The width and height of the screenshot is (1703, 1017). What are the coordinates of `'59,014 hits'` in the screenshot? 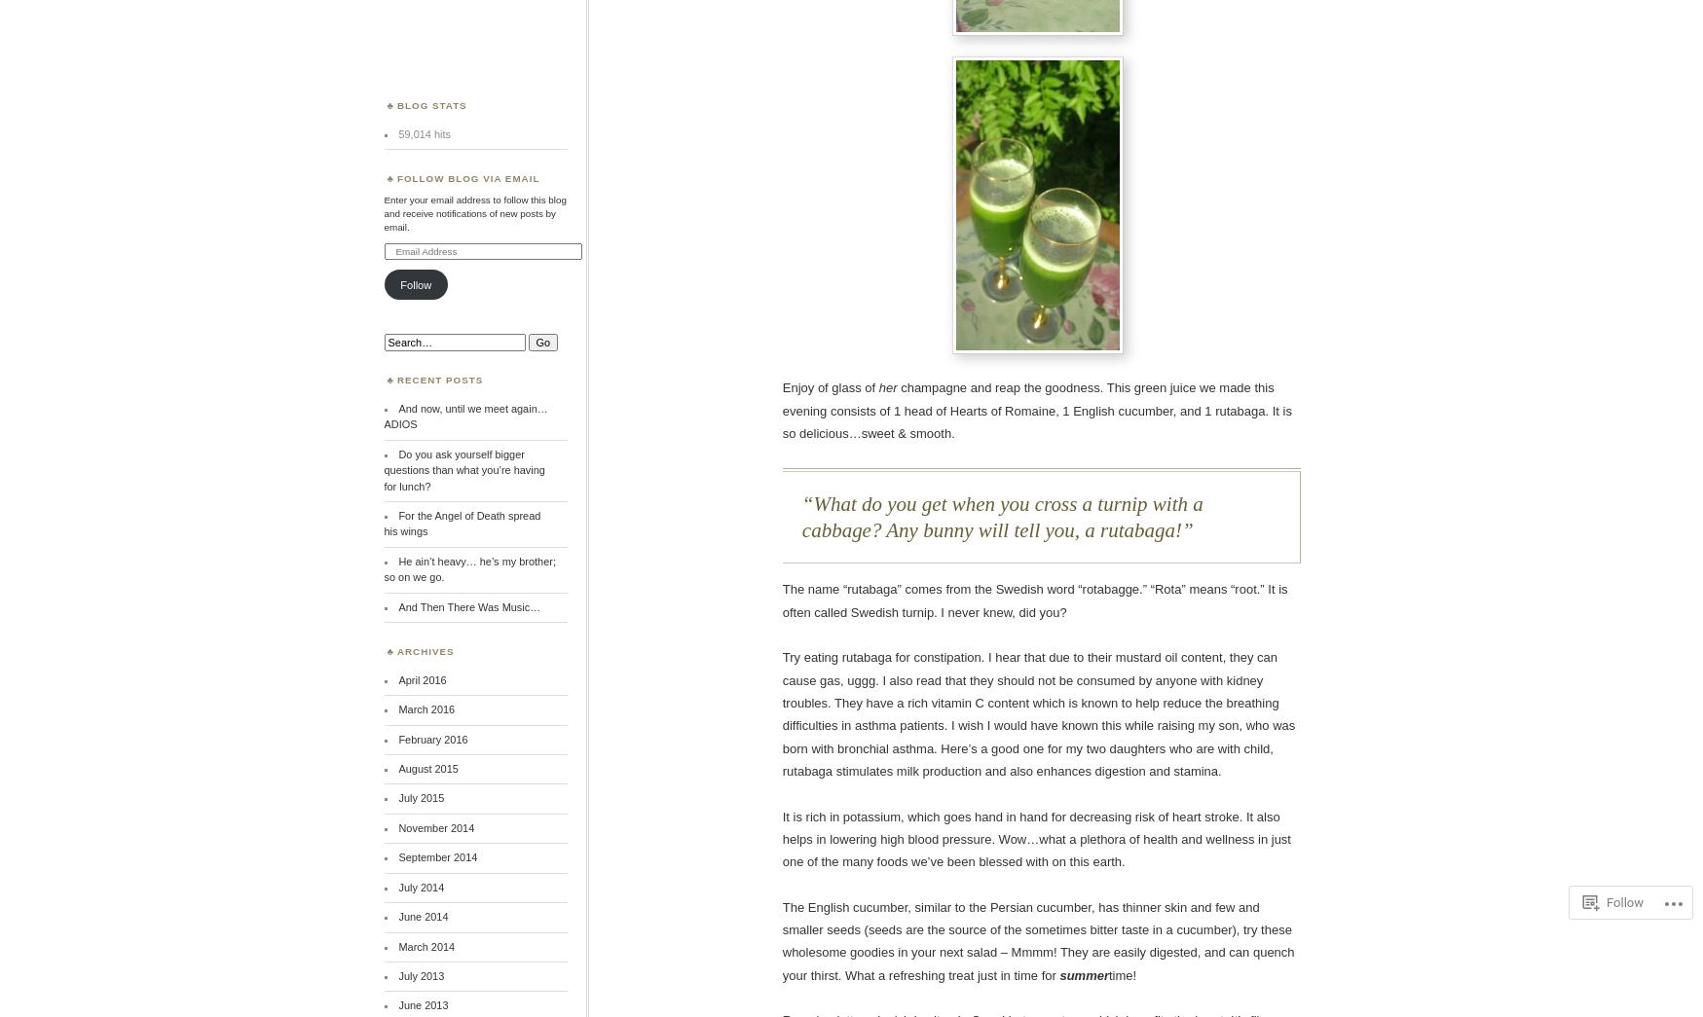 It's located at (423, 131).